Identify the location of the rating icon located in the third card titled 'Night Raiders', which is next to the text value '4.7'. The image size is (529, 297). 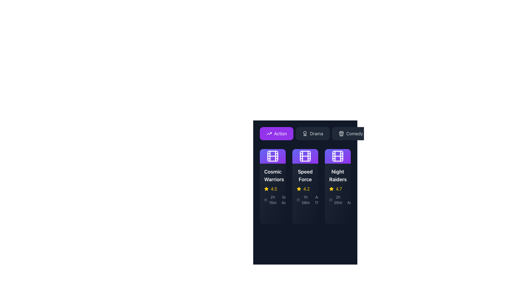
(331, 188).